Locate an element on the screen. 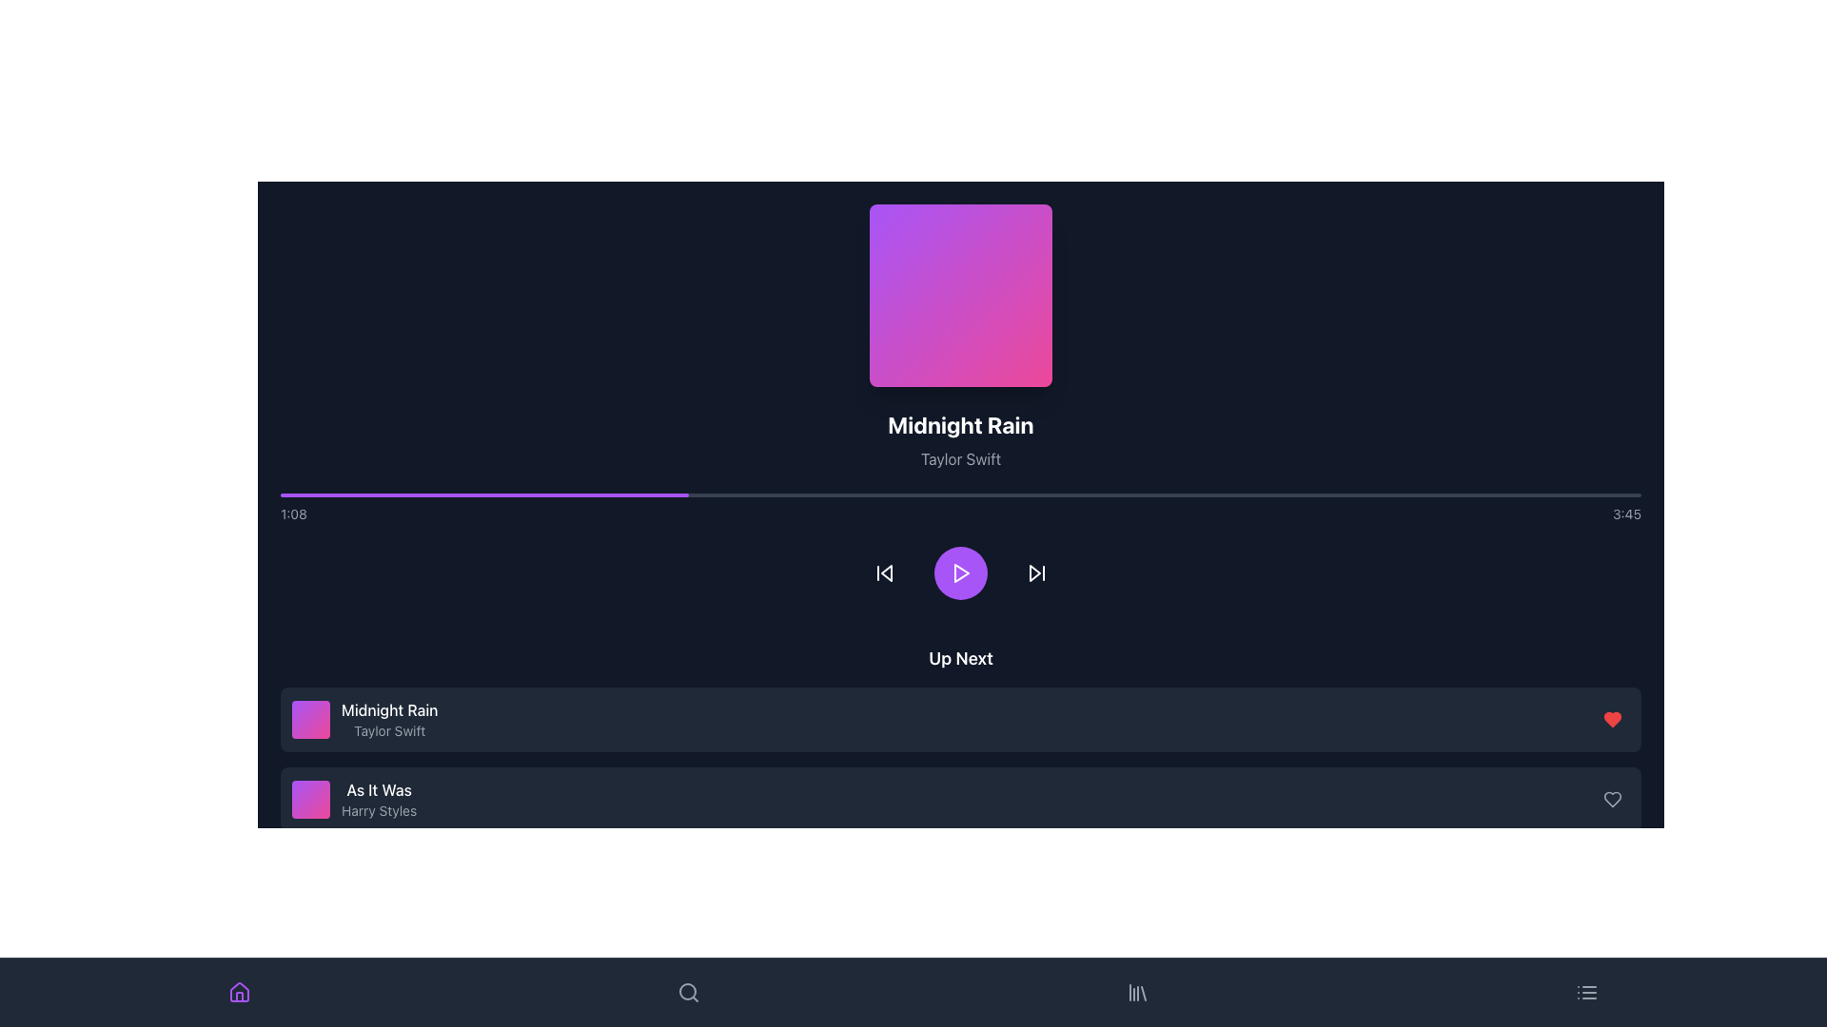 The image size is (1827, 1027). text displayed as 'Midnight Rain' by Taylor Swift, which is presented in a bold title and a lighter subtitle, located in the Up Next section of the interface is located at coordinates (388, 719).